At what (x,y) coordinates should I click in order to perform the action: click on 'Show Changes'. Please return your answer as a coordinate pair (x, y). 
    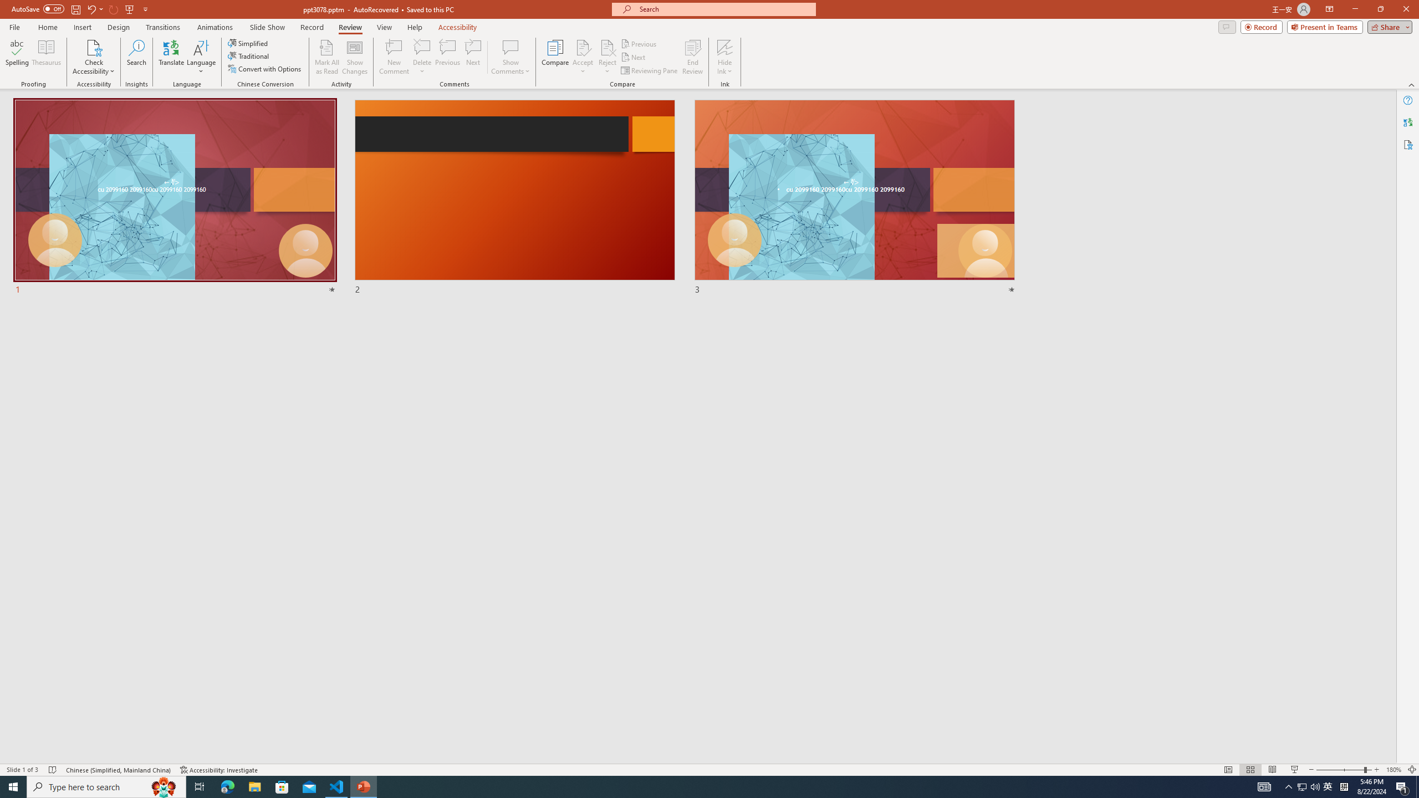
    Looking at the image, I should click on (355, 57).